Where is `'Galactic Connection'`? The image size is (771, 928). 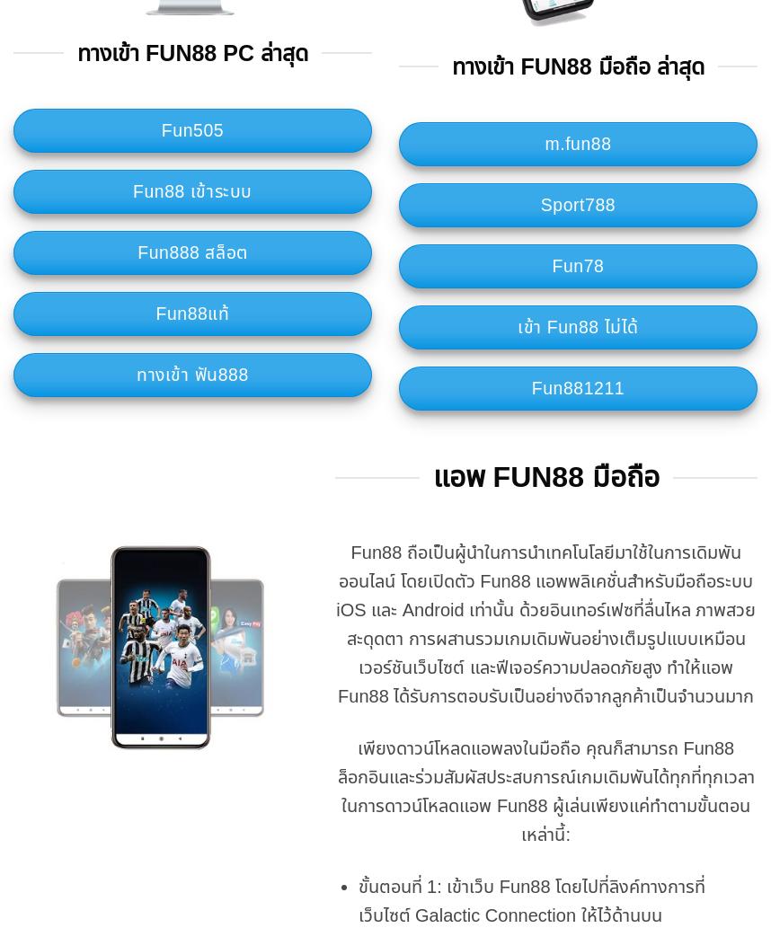
'Galactic Connection' is located at coordinates (495, 914).